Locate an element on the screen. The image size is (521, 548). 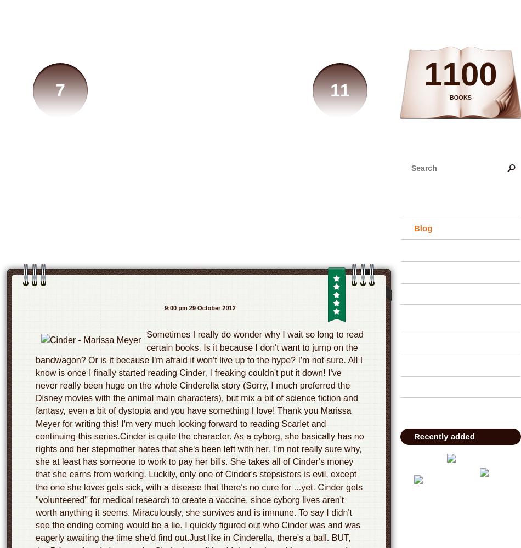
'Shelf' is located at coordinates (423, 249).